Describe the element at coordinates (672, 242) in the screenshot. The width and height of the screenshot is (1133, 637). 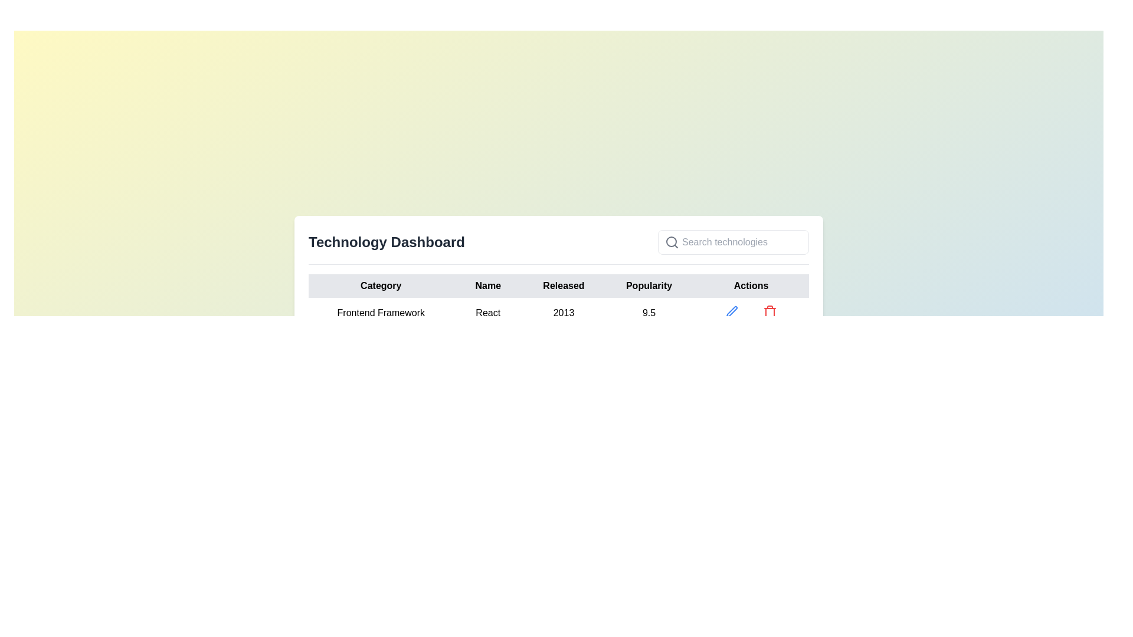
I see `the search icon, which is a magnifying glass located to the left side of the 'Search technologies' input field, centrally aligned vertically` at that location.